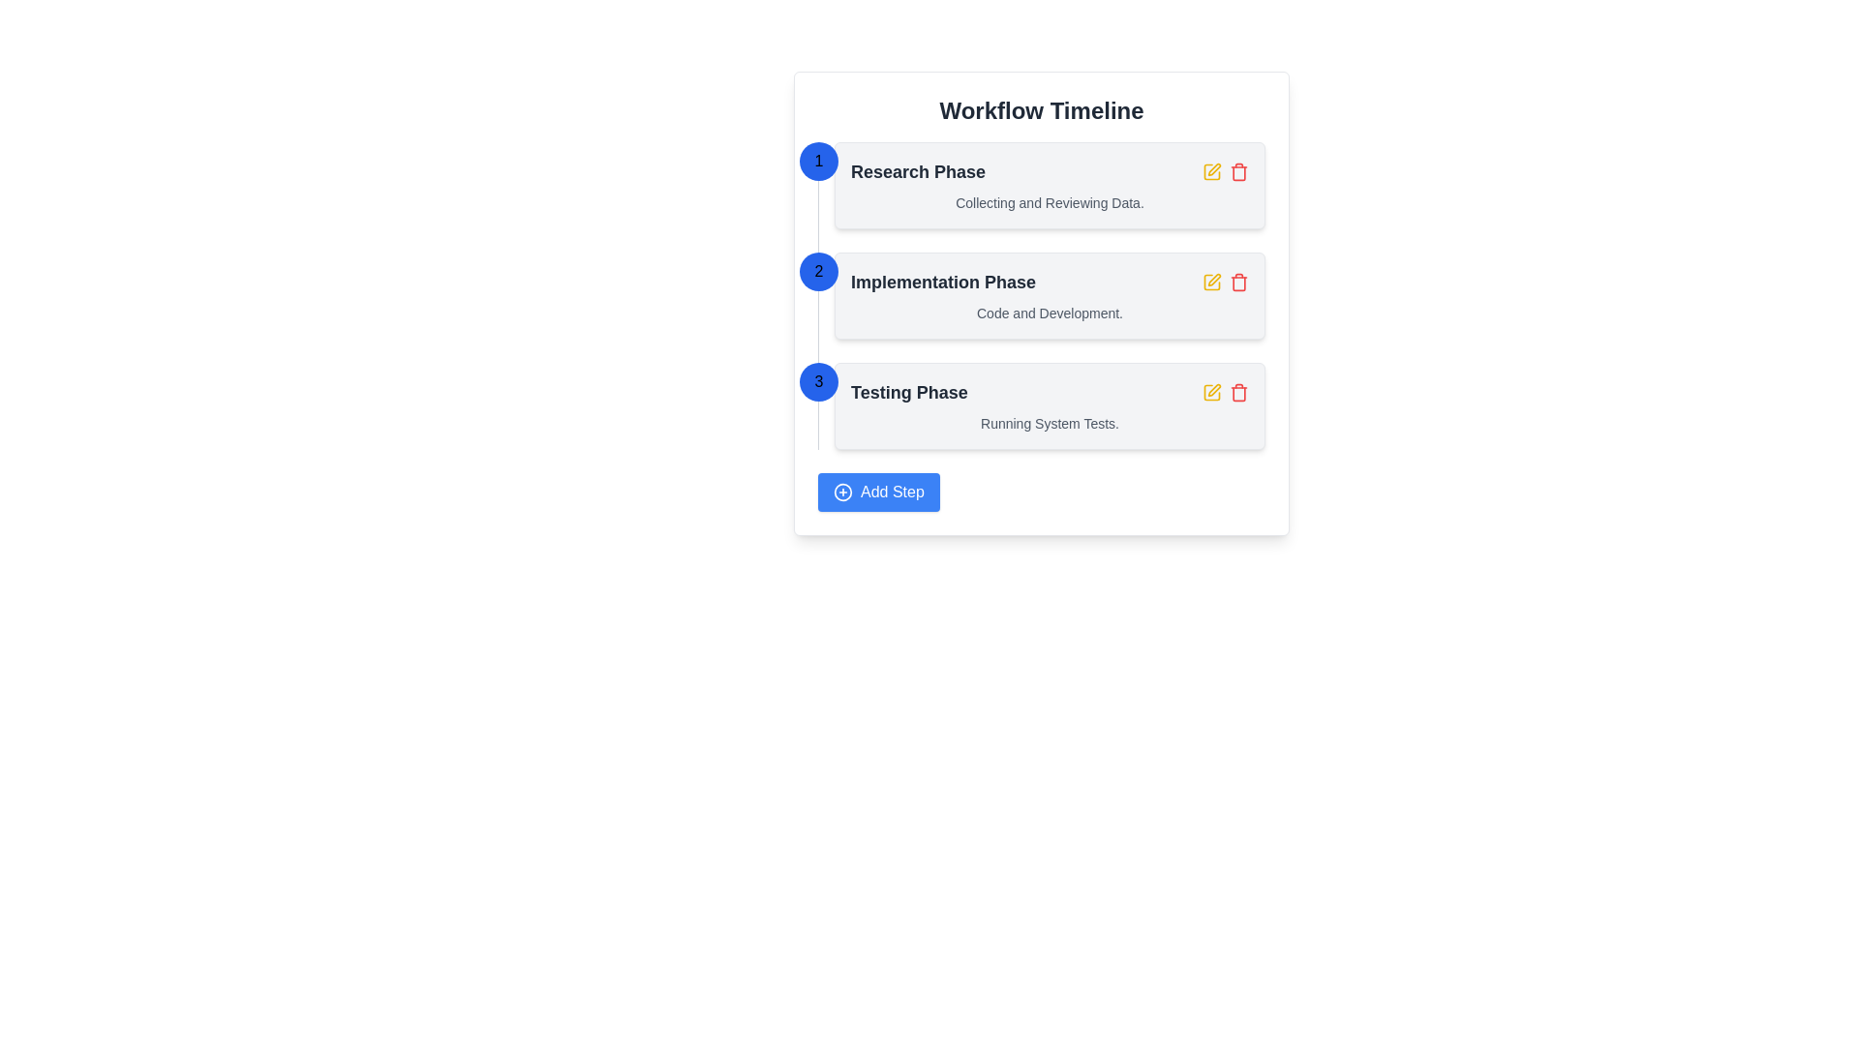  I want to click on the third step card in the workflow timeline which displays the name and description of the phase, positioned between 'Implementation Phase' and the 'Add Step' button, so click(1049, 405).